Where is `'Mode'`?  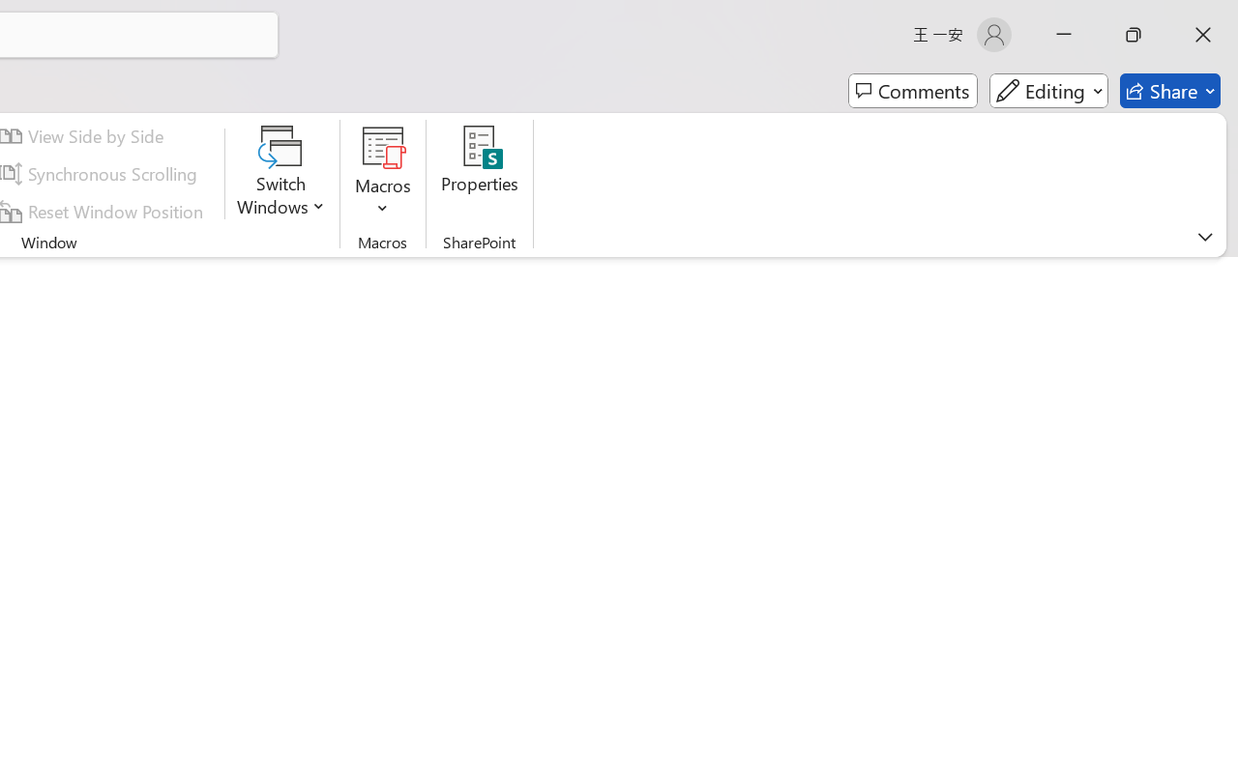
'Mode' is located at coordinates (1047, 91).